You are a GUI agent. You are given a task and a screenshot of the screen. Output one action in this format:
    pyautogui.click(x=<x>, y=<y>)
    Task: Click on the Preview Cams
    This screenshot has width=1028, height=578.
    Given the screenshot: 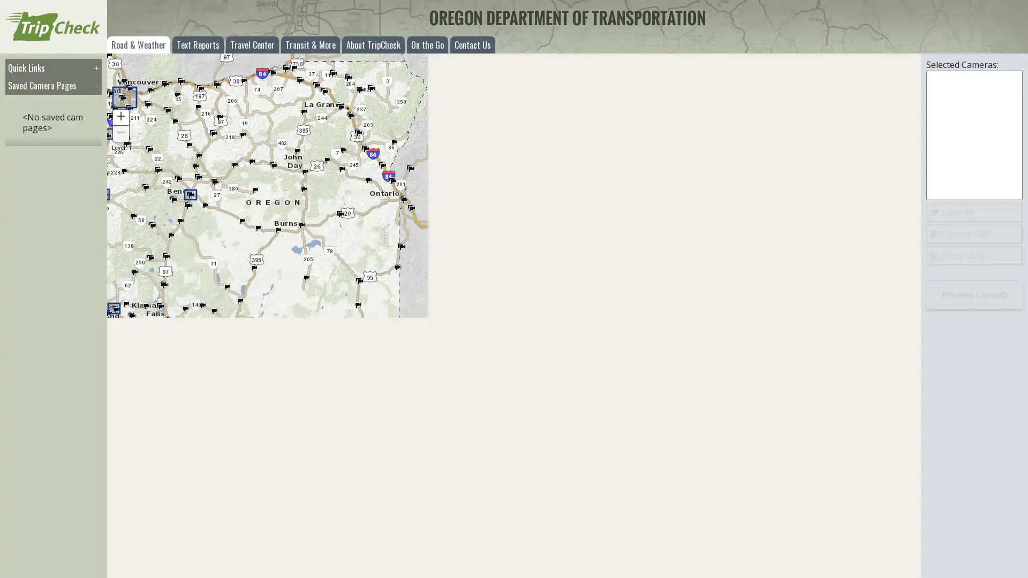 What is the action you would take?
    pyautogui.click(x=974, y=294)
    